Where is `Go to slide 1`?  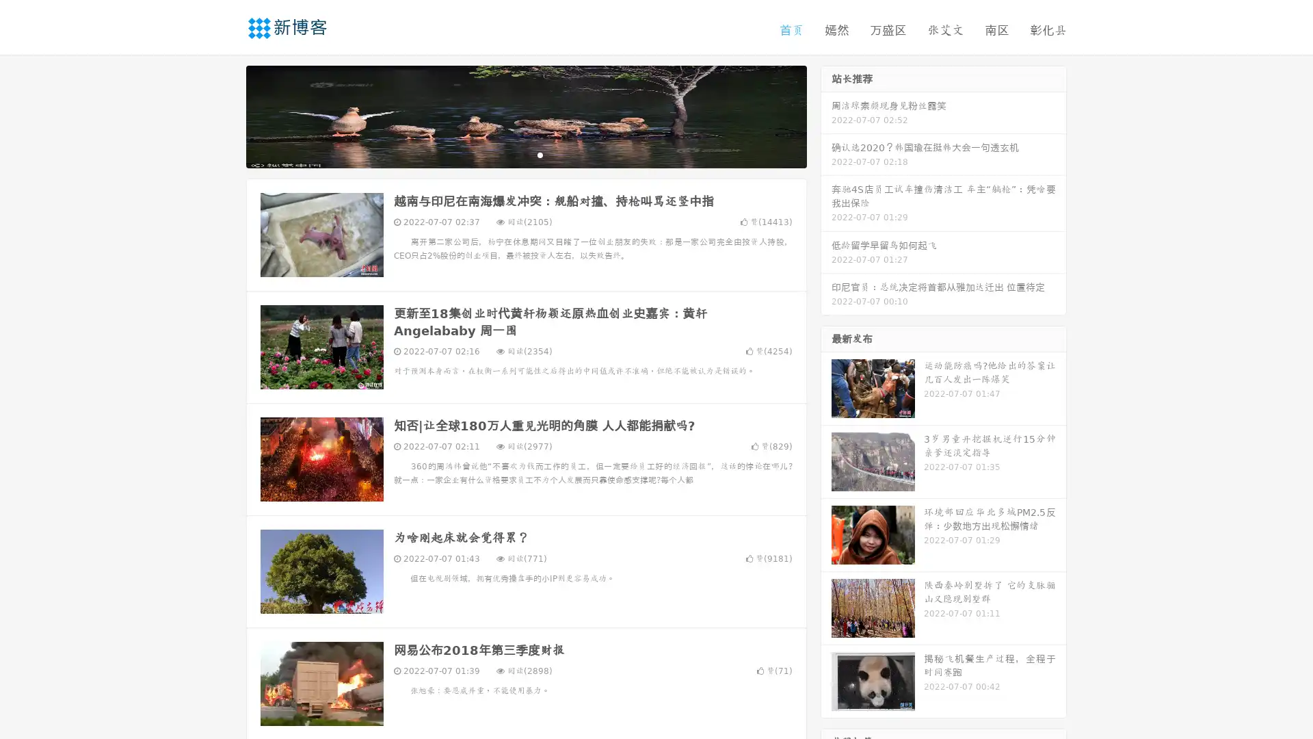
Go to slide 1 is located at coordinates (512, 154).